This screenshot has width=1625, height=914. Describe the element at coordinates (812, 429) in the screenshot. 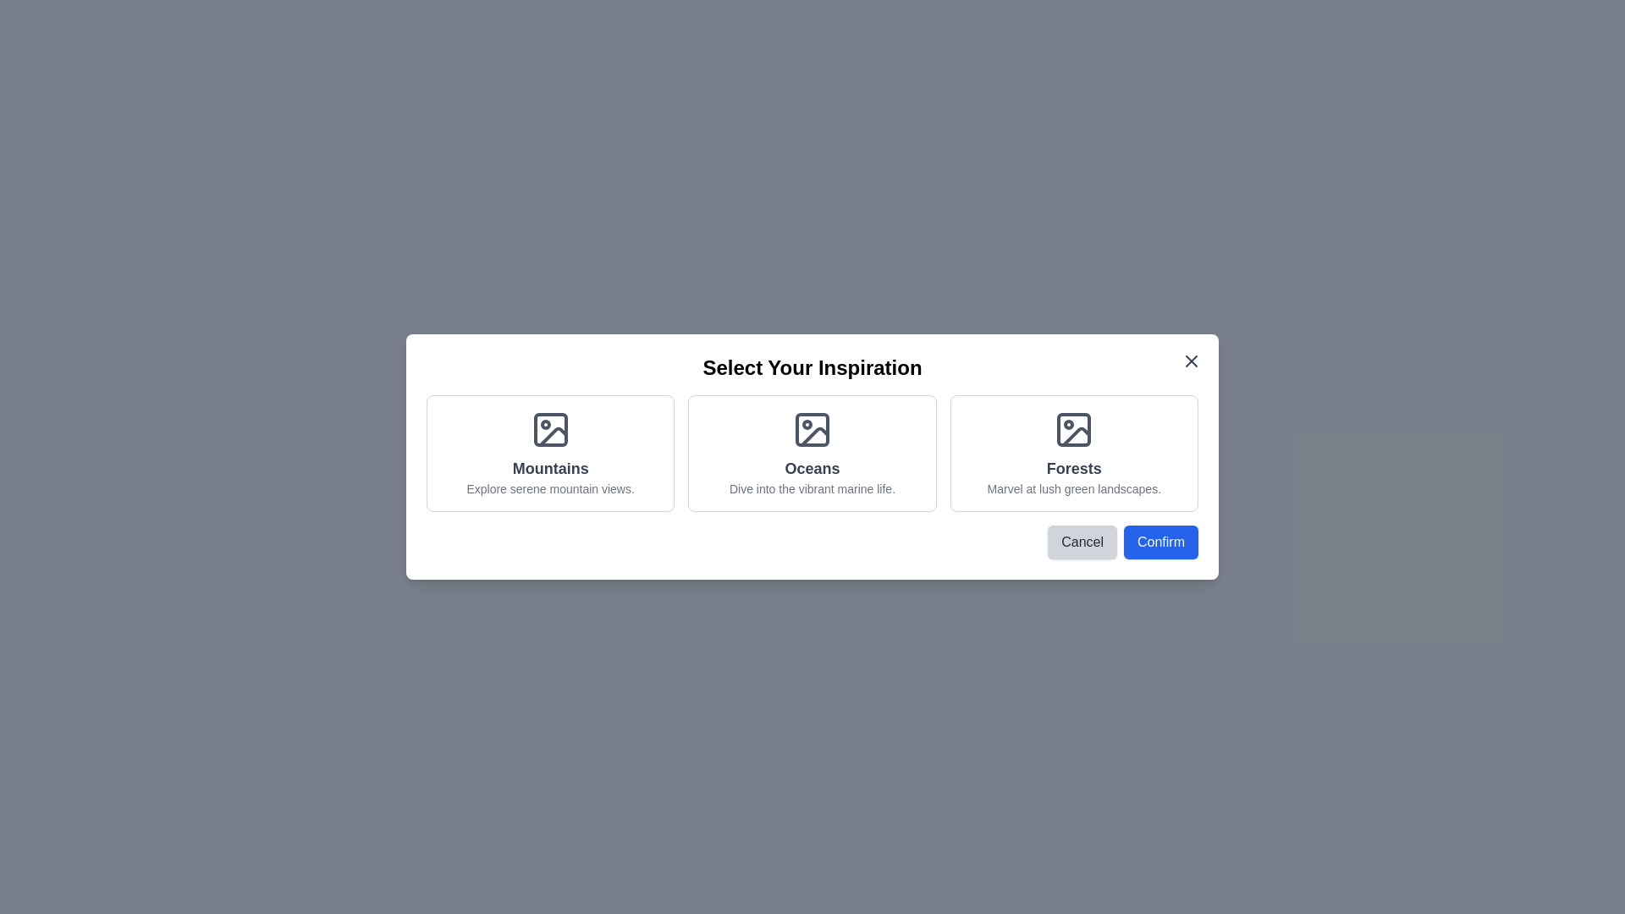

I see `the decorative shape within the icon representing 'Oceans', which is a dark gray rectangular shape with rounded corners located in the second column of the selection grid` at that location.